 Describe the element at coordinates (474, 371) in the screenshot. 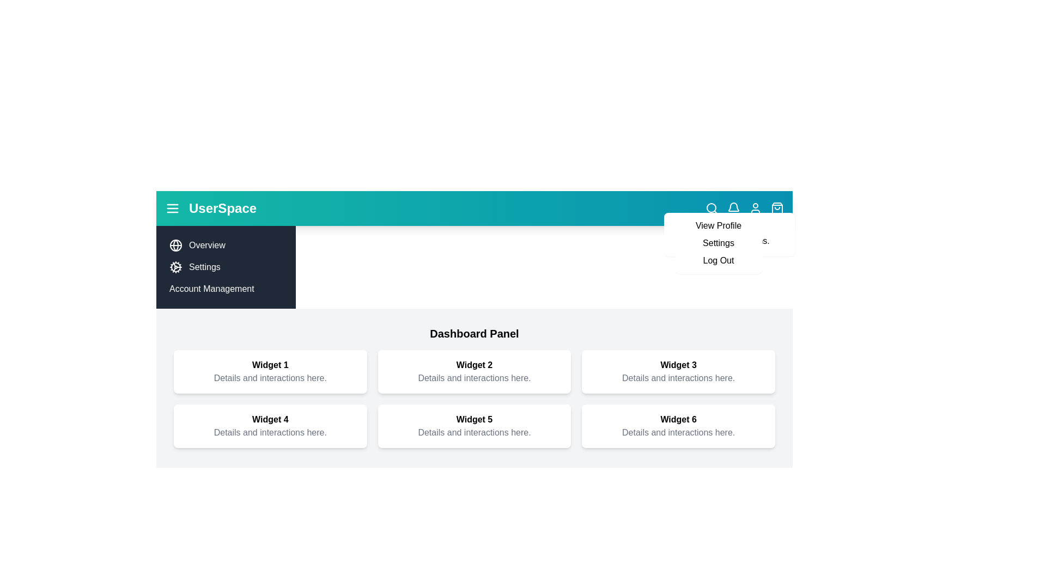

I see `the second information card in the first row of a 3-column grid layout` at that location.